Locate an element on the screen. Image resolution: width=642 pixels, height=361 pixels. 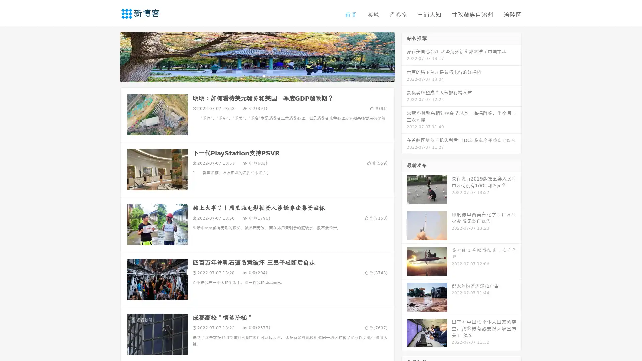
Go to slide 2 is located at coordinates (257, 75).